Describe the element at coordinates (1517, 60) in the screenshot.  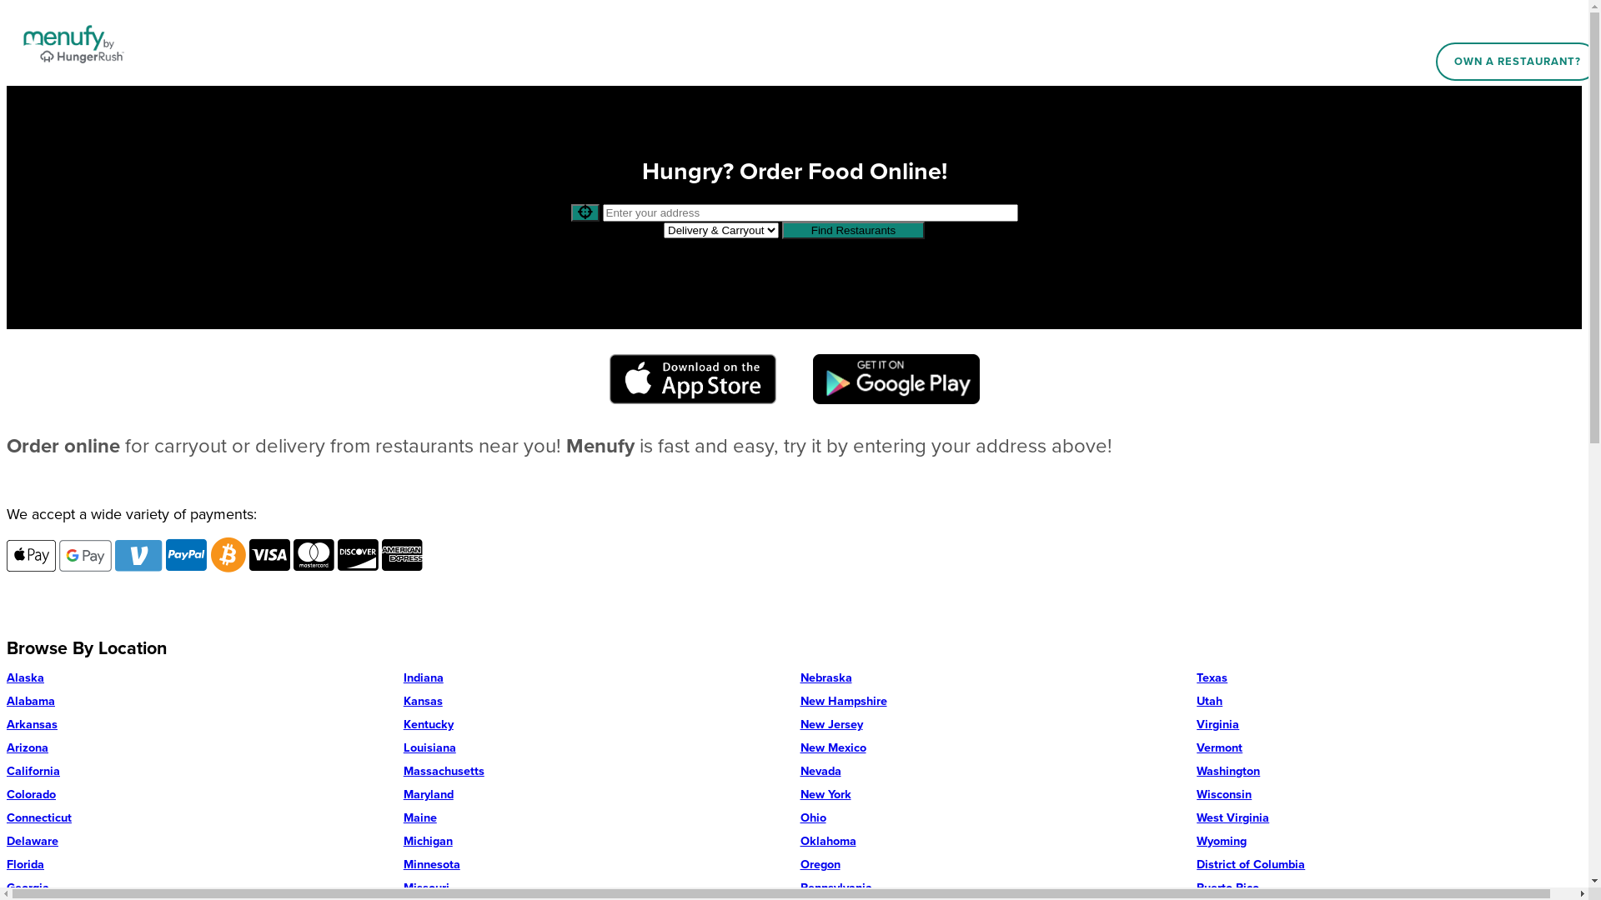
I see `'OWN A RESTAURANT?'` at that location.